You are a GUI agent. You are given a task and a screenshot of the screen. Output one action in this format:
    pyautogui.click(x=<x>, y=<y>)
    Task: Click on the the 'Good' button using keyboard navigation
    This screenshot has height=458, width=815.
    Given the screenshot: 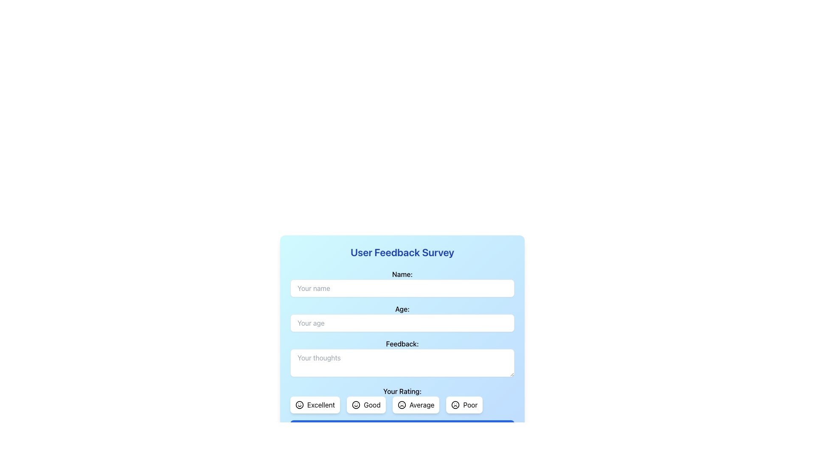 What is the action you would take?
    pyautogui.click(x=366, y=405)
    